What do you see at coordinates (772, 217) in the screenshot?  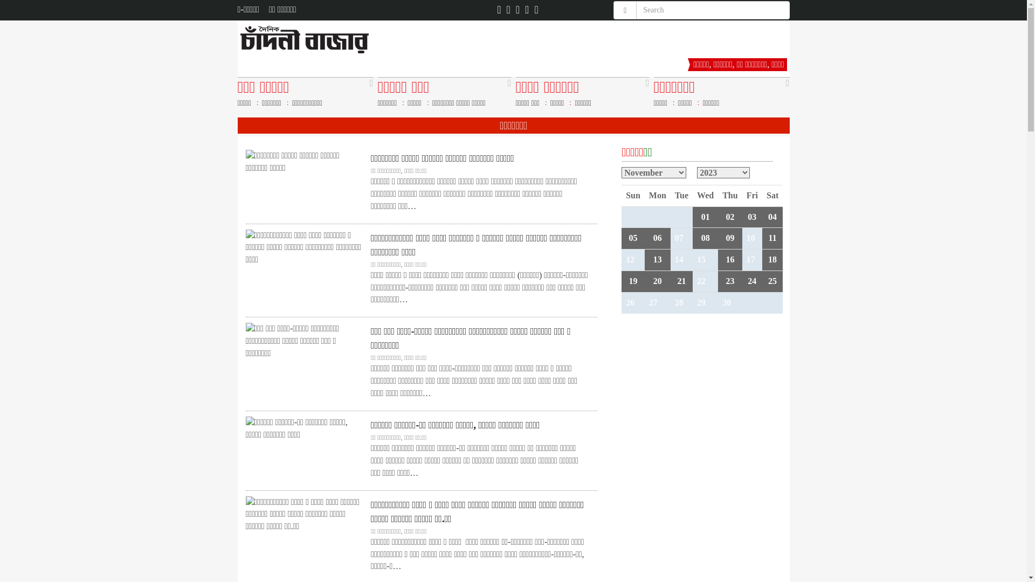 I see `'04'` at bounding box center [772, 217].